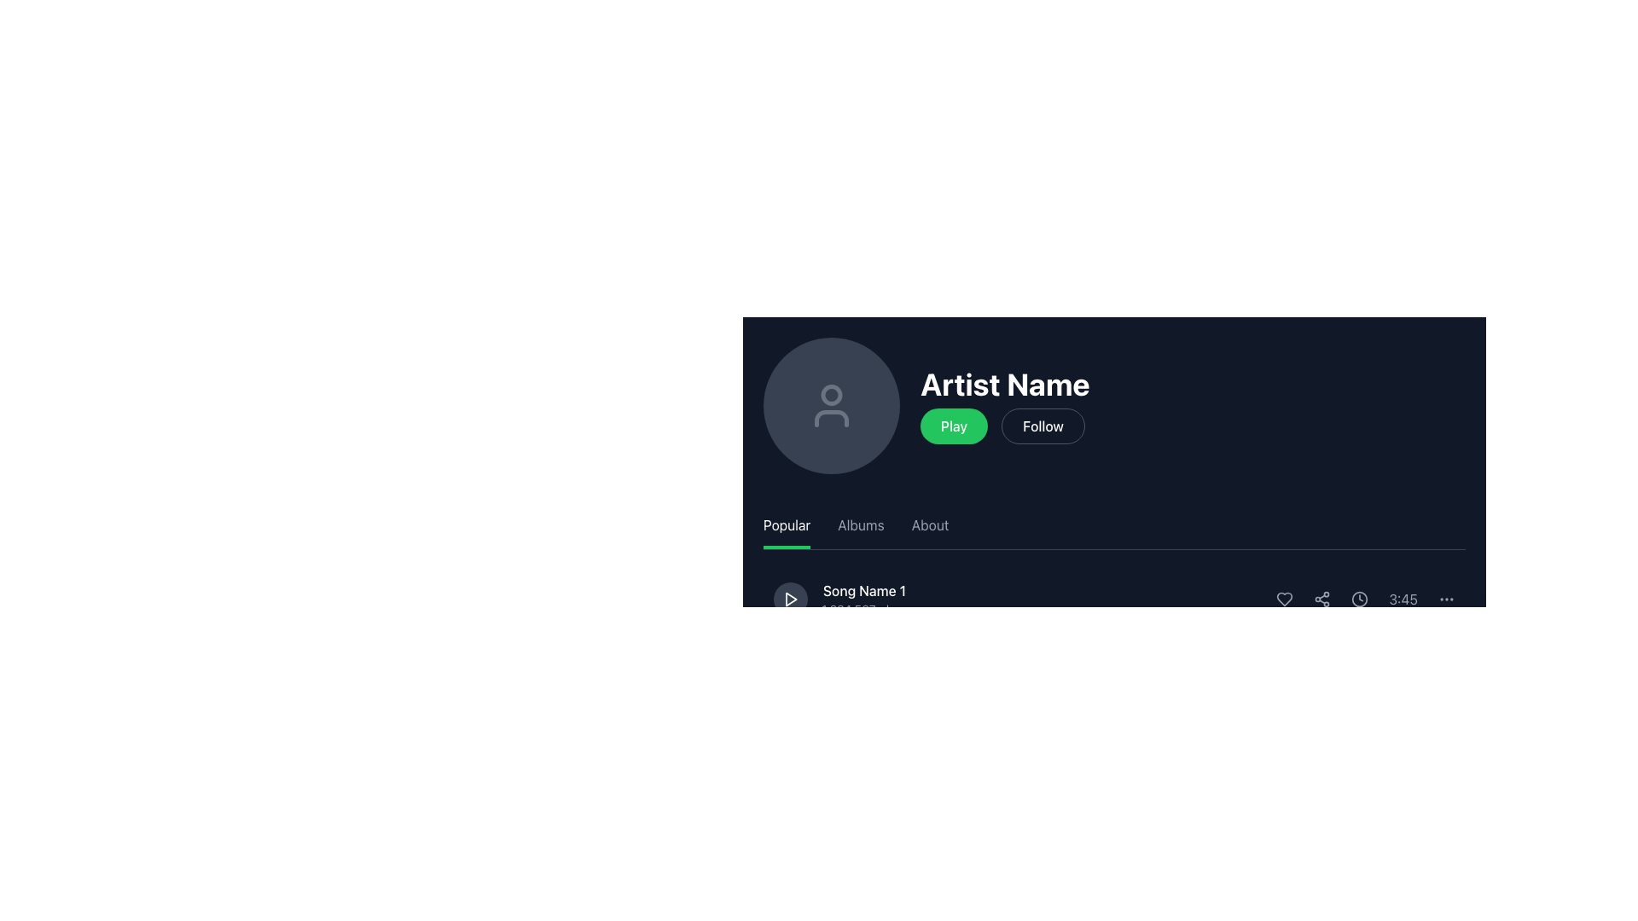 The image size is (1638, 921). What do you see at coordinates (1005, 385) in the screenshot?
I see `the text label that identifies the artist's name, located near the top-center area of the interface, directly to the right of the circular avatar image, above the 'Play' and 'Follow' buttons` at bounding box center [1005, 385].